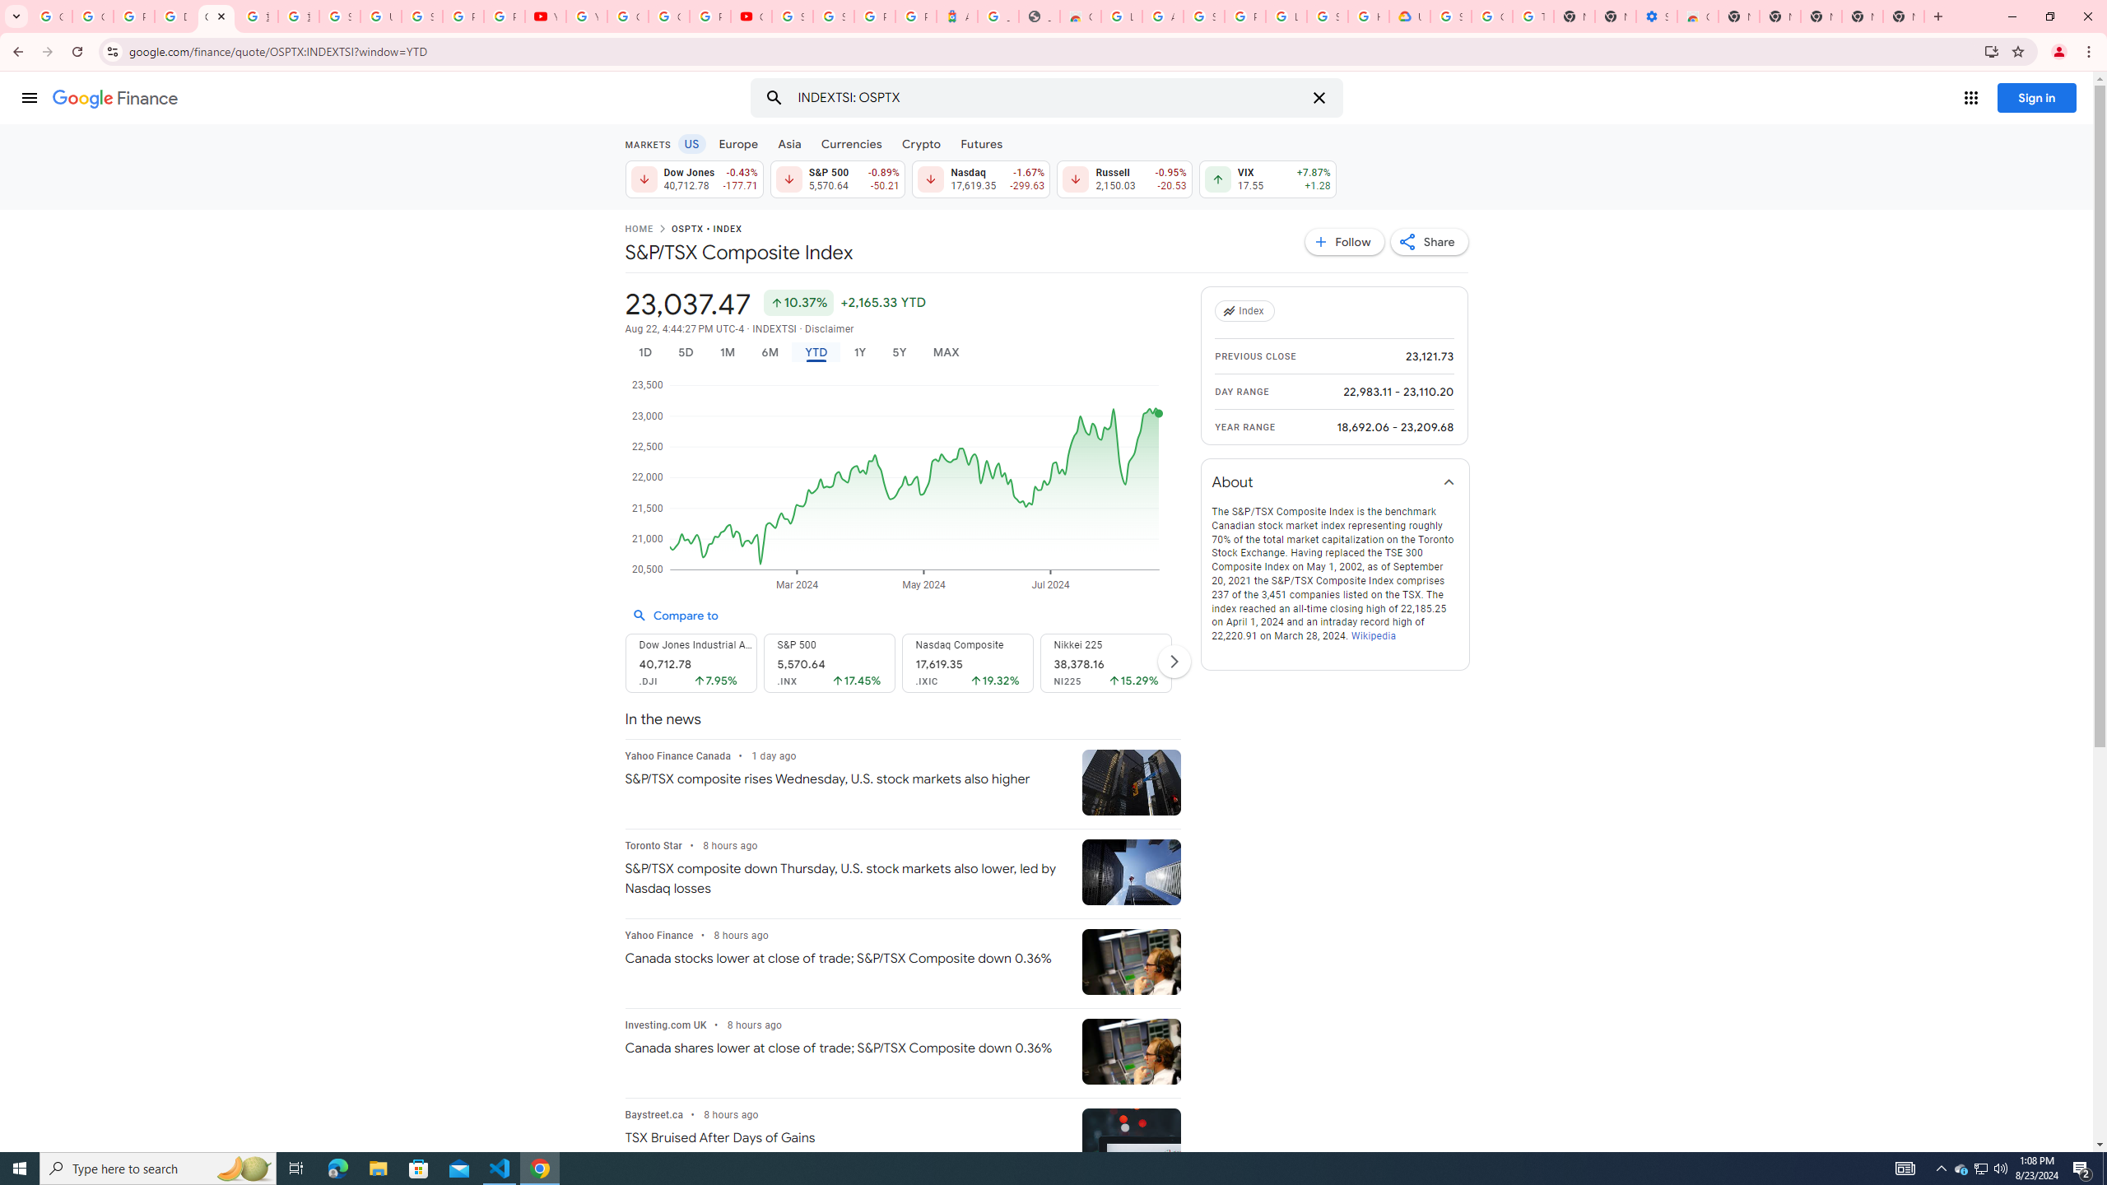 The height and width of the screenshot is (1185, 2107). I want to click on 'Chrome Web Store - Accessibility extensions', so click(1697, 16).